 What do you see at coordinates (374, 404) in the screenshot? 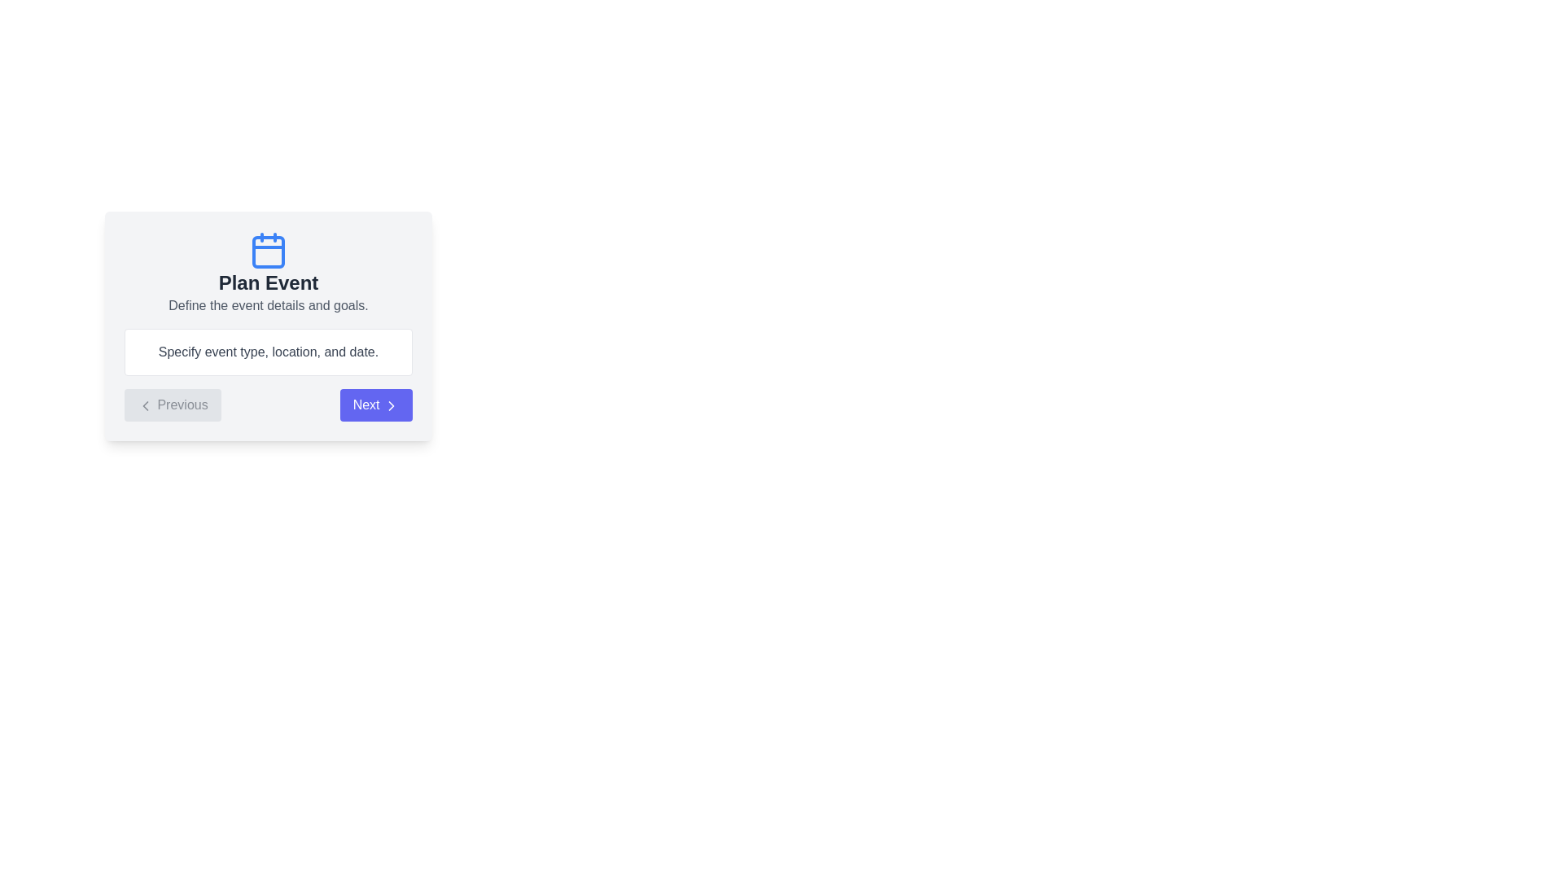
I see `the 'Next' button to navigate to the next step` at bounding box center [374, 404].